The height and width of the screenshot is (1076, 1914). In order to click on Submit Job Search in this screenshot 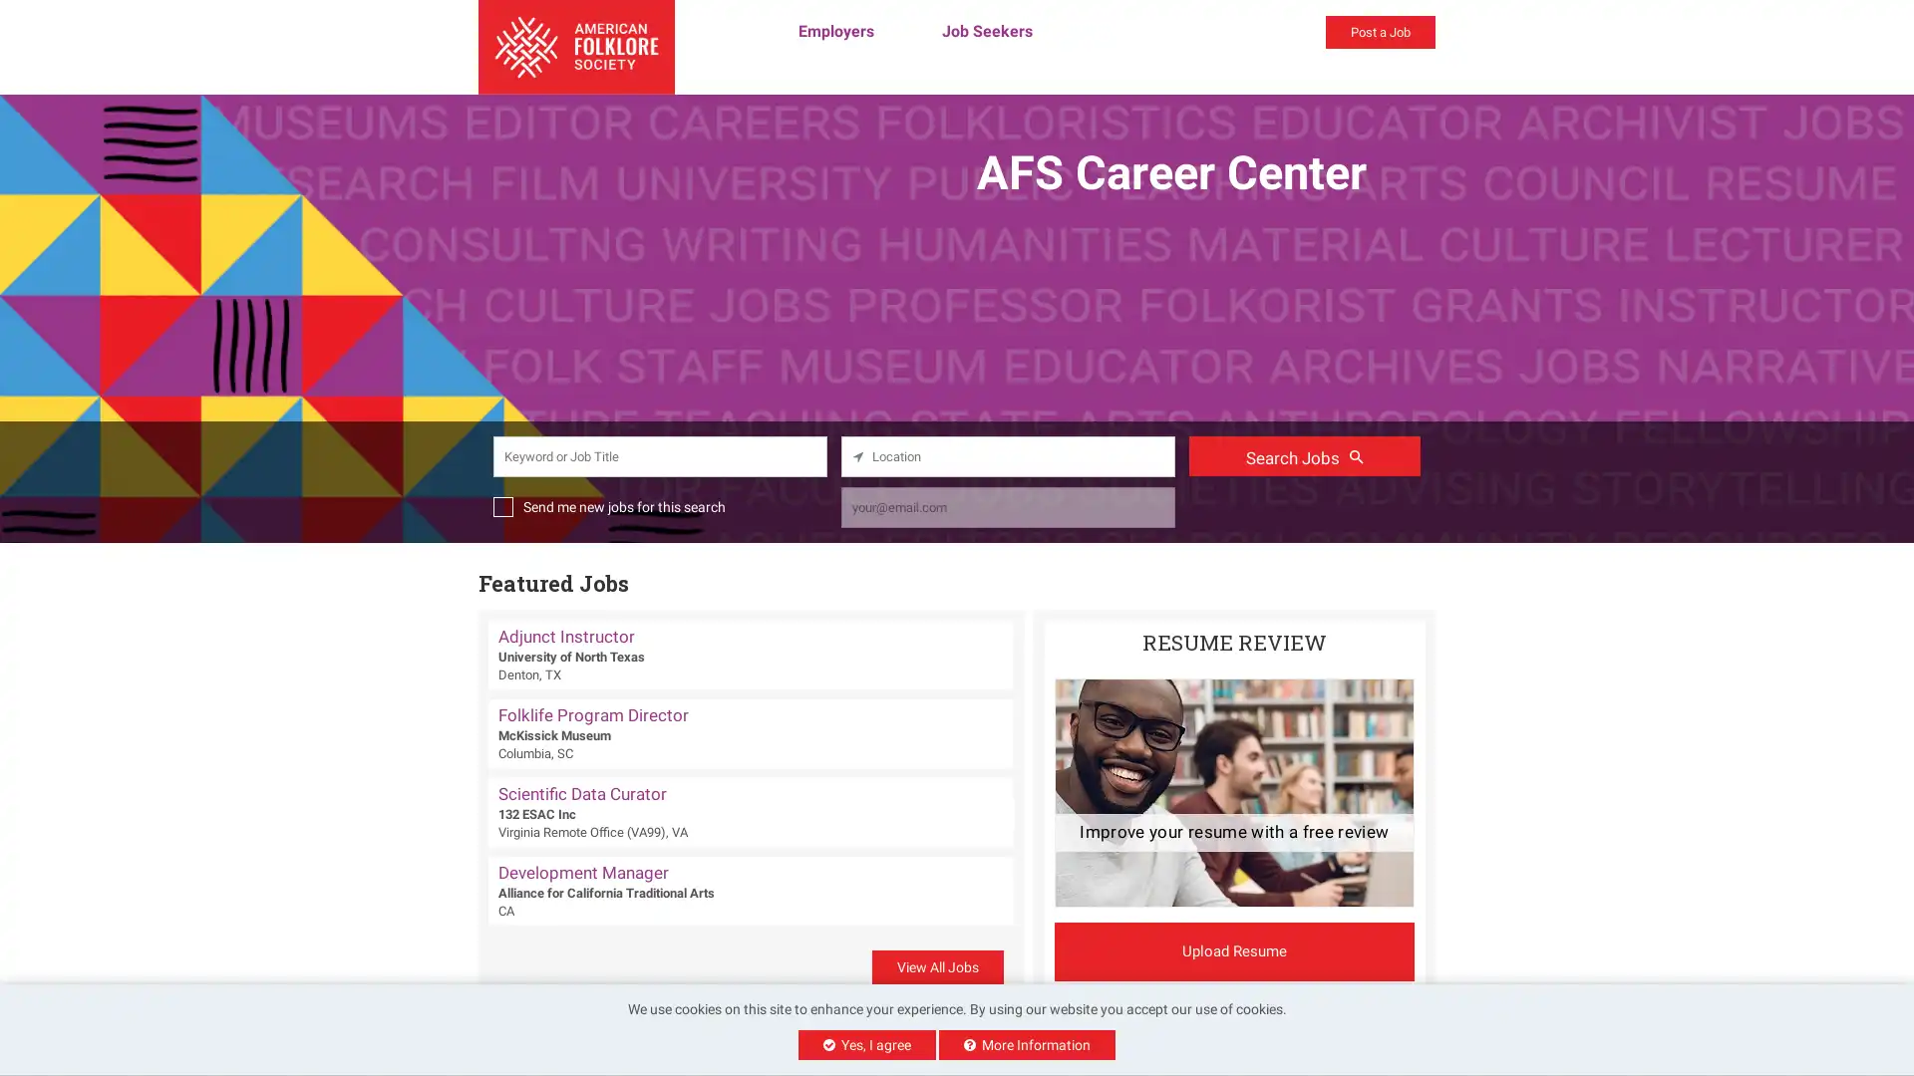, I will do `click(1304, 454)`.